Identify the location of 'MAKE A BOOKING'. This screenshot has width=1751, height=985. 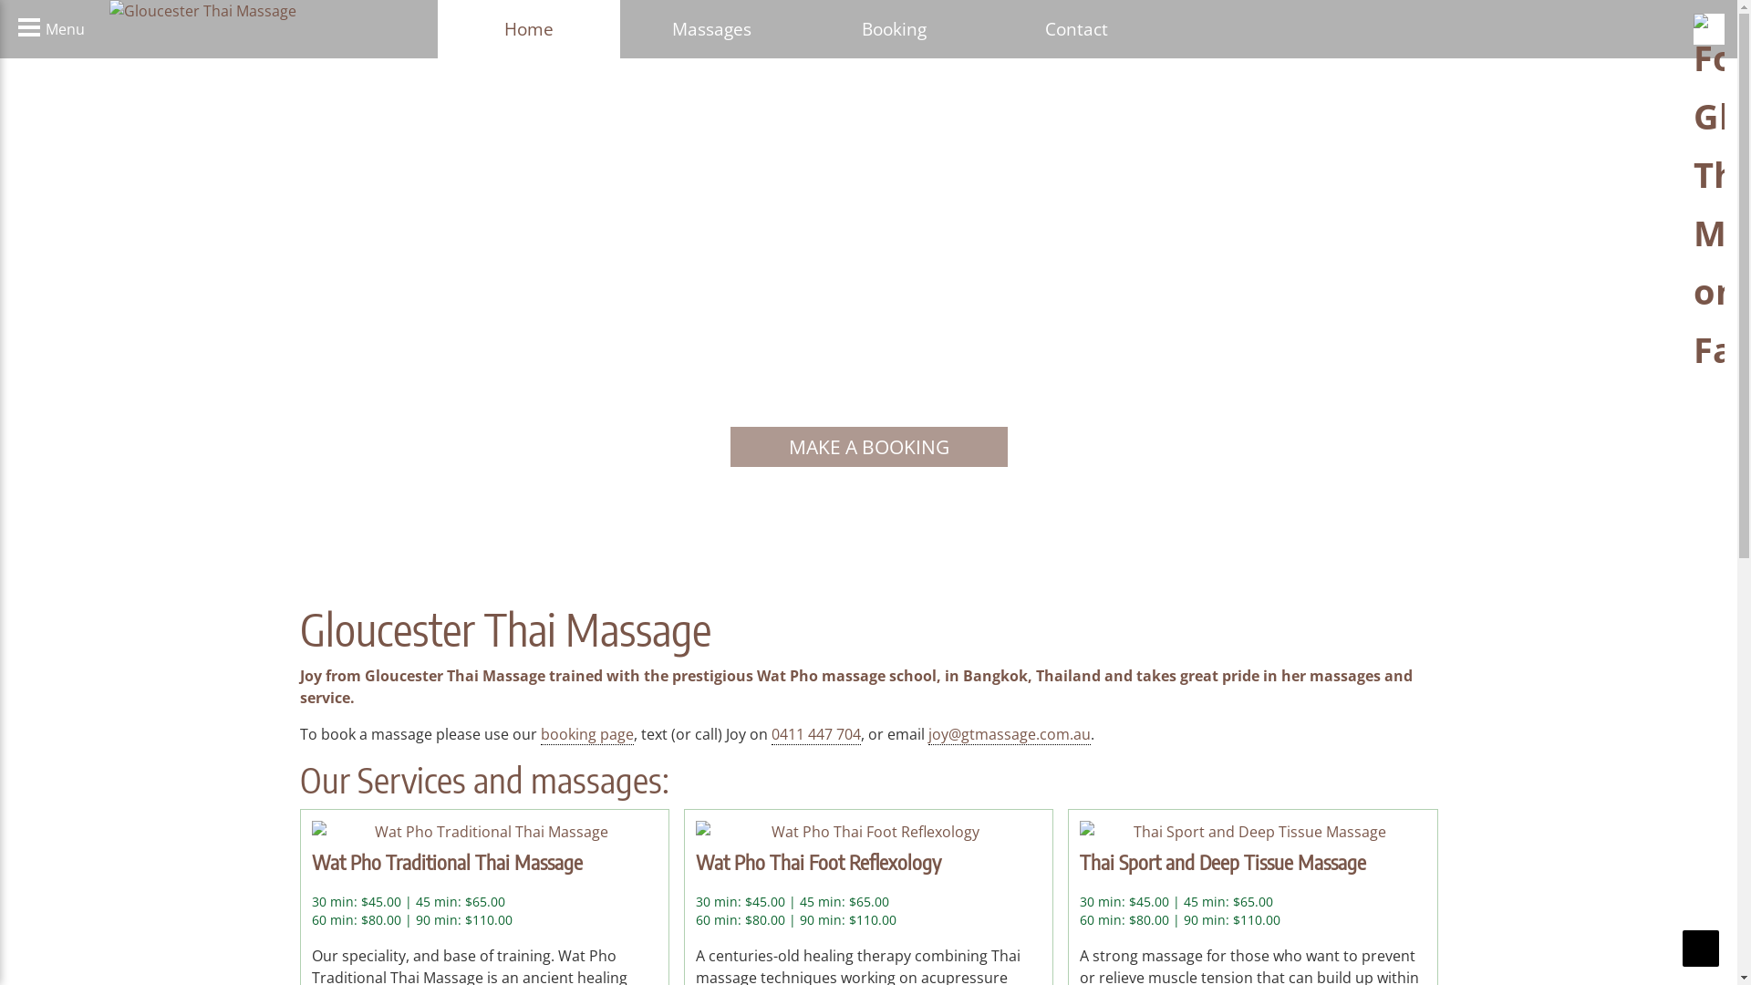
(866, 446).